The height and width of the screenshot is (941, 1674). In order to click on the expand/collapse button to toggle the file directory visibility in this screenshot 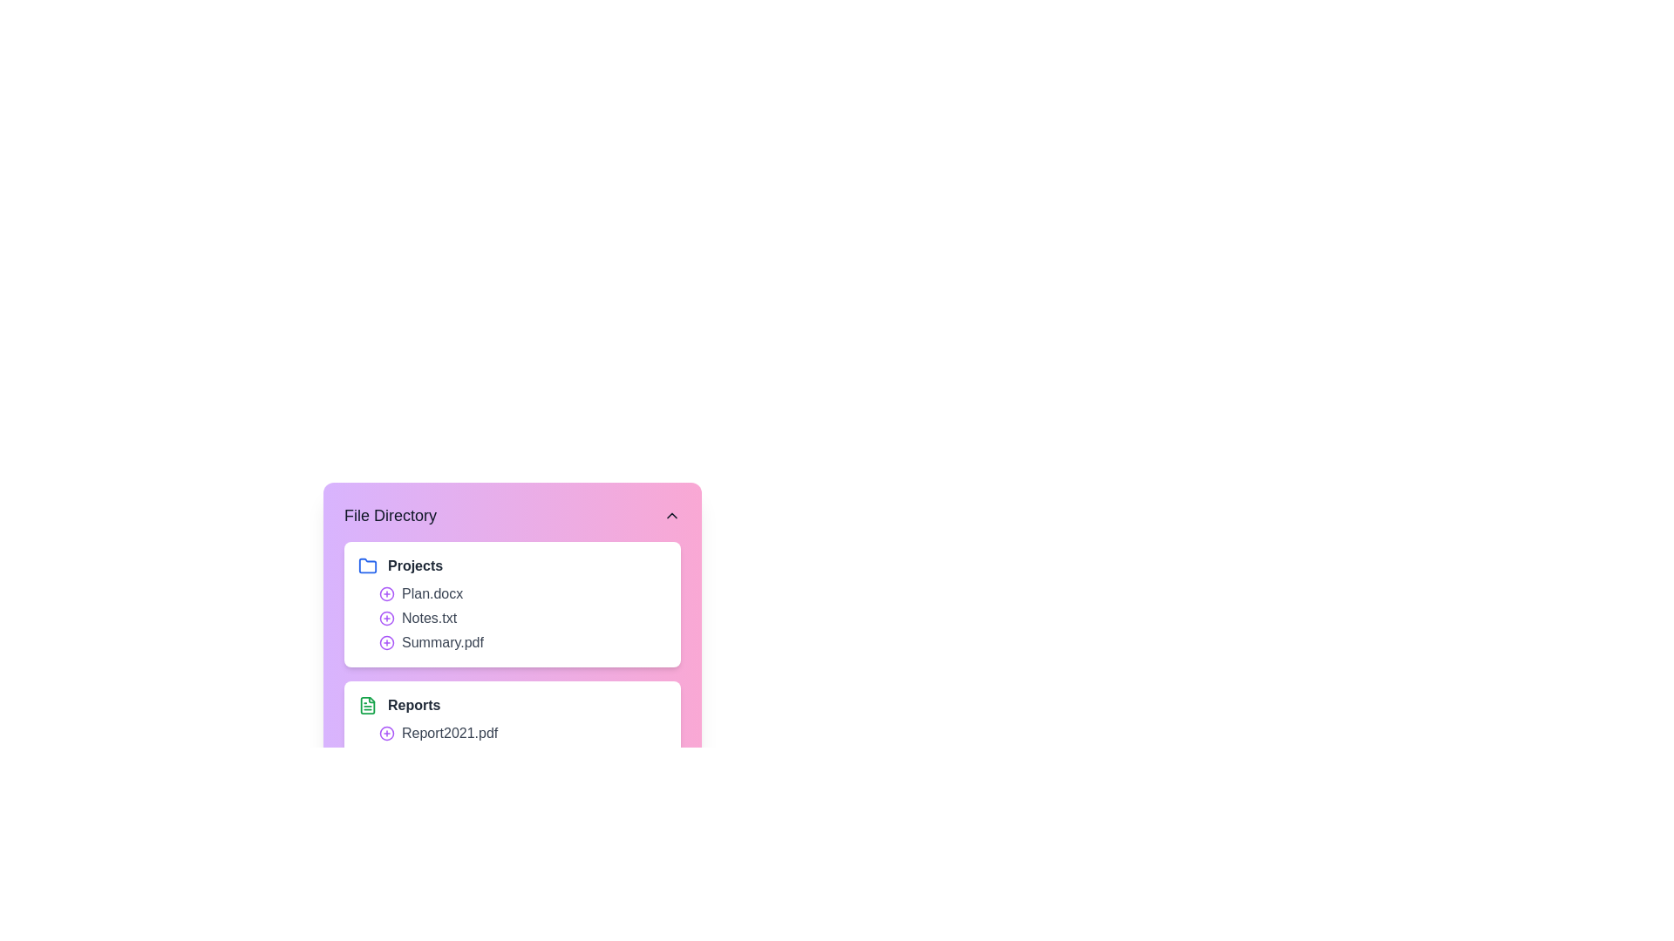, I will do `click(671, 514)`.